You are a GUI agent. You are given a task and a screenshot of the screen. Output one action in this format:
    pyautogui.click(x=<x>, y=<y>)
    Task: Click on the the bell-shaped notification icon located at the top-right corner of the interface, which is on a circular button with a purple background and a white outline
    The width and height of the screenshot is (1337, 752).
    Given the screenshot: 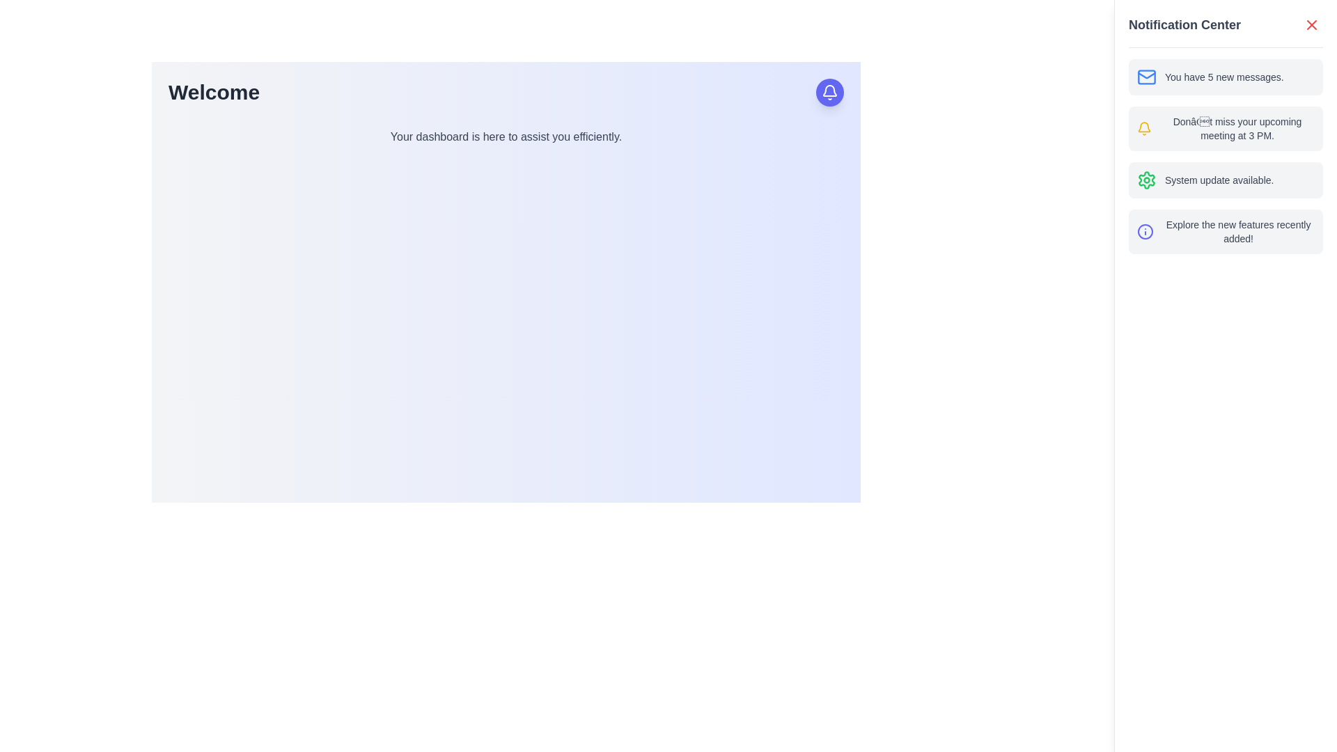 What is the action you would take?
    pyautogui.click(x=829, y=92)
    